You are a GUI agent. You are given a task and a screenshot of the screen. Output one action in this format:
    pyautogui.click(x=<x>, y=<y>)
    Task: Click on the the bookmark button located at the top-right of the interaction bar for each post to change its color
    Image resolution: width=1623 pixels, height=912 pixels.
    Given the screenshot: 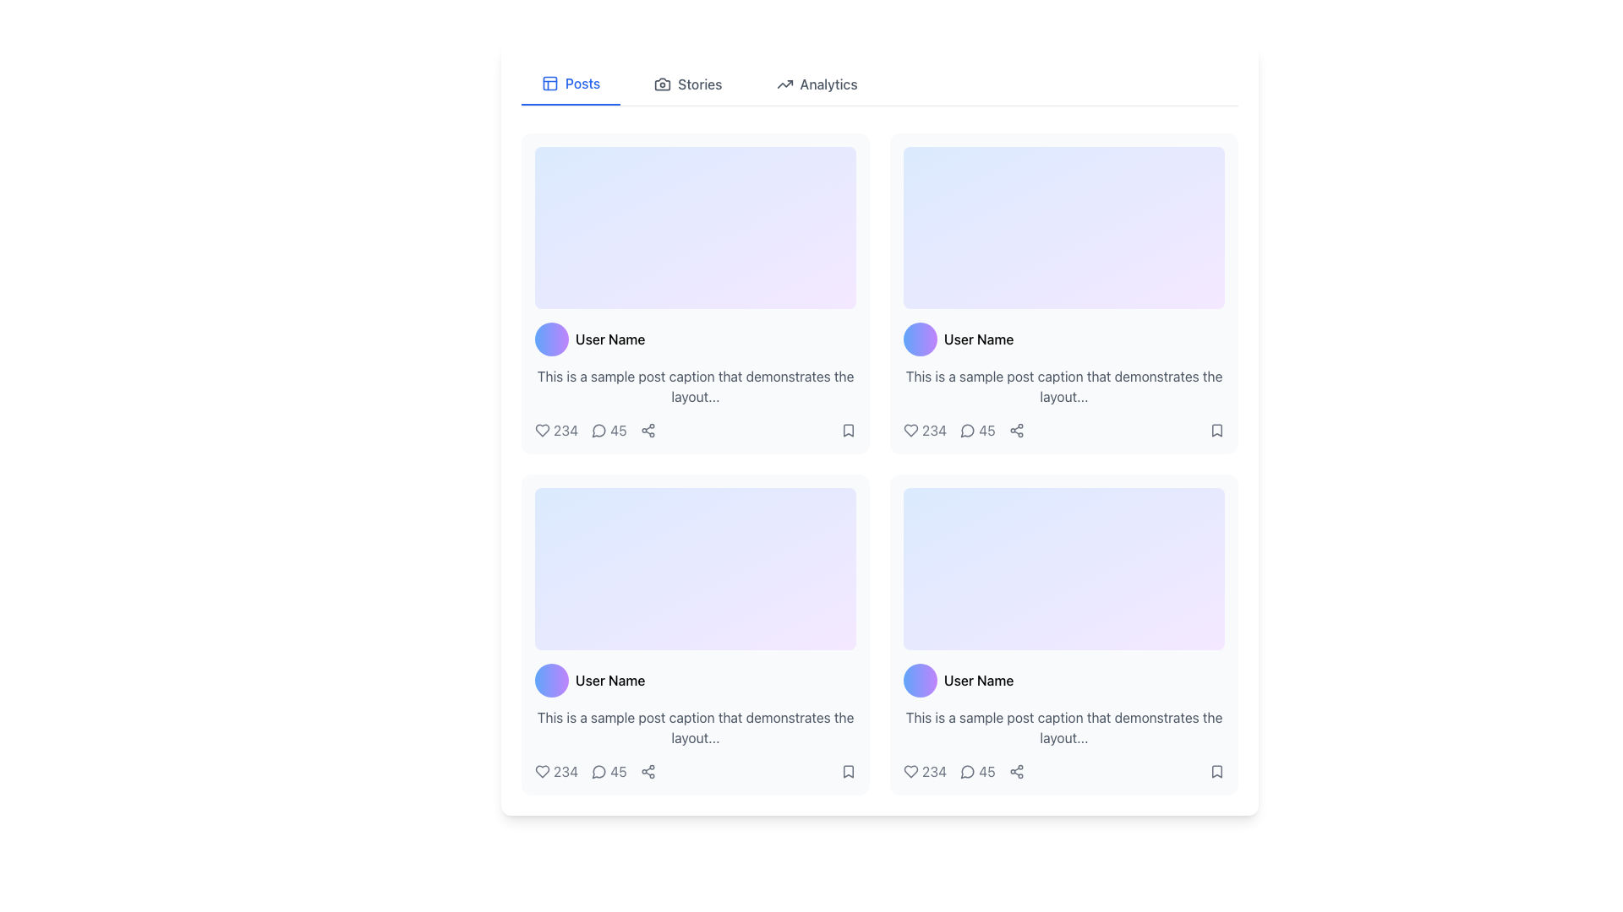 What is the action you would take?
    pyautogui.click(x=848, y=429)
    